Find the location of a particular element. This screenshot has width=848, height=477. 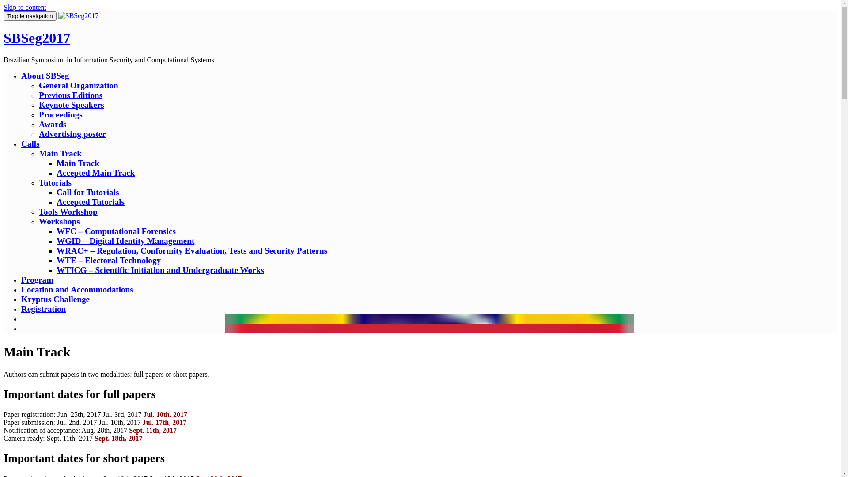

'Keynote Speakers' is located at coordinates (72, 104).